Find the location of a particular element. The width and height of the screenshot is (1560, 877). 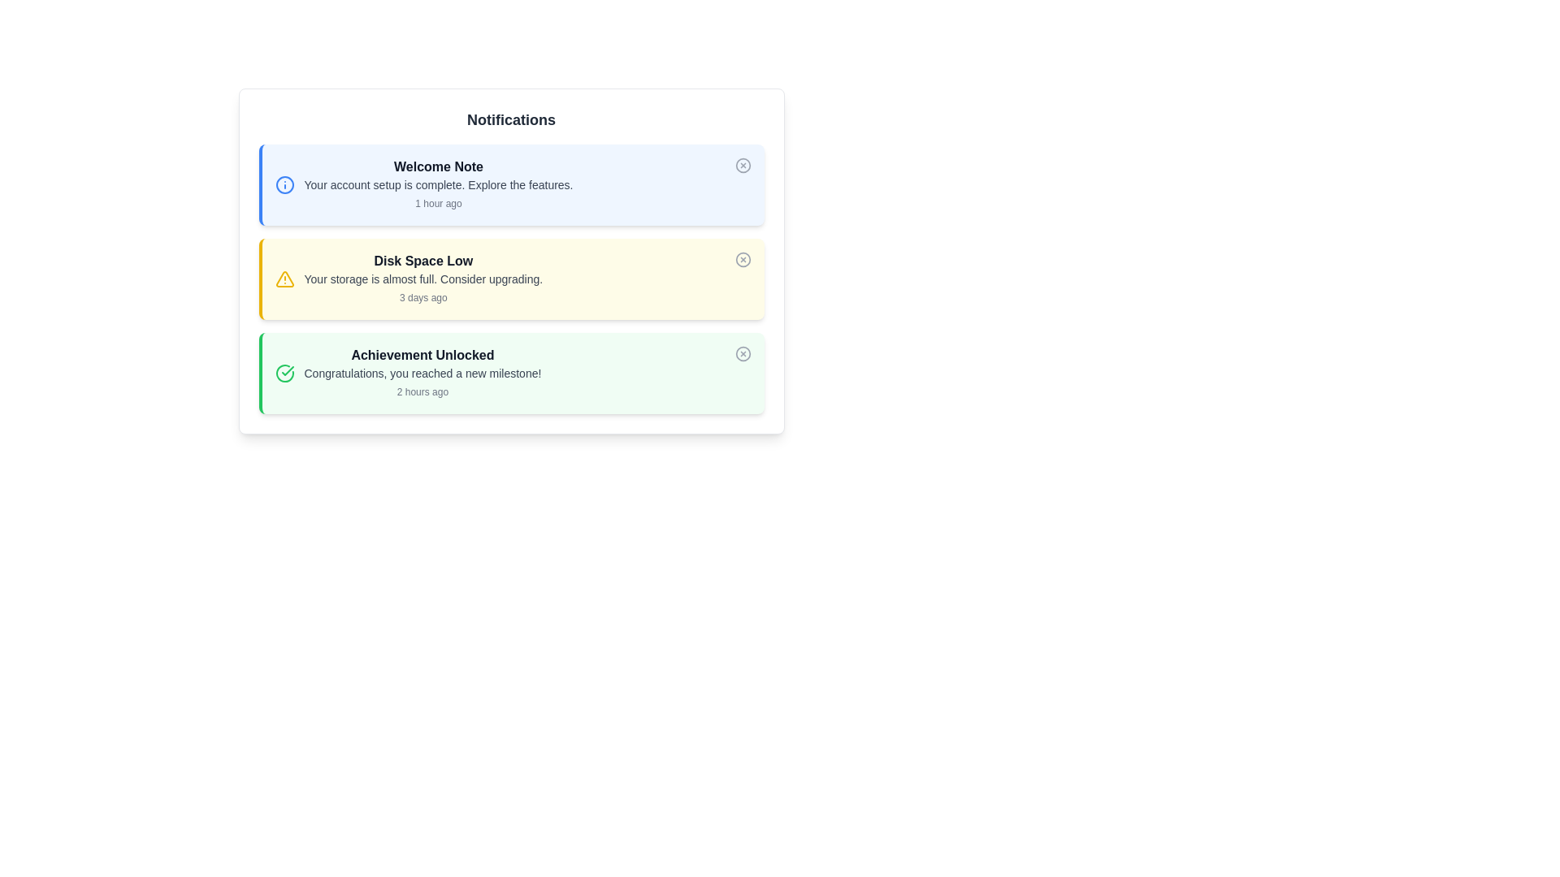

the circular icon with a blue outline located to the left of the 'Welcome Note' text in the notification card is located at coordinates (284, 184).